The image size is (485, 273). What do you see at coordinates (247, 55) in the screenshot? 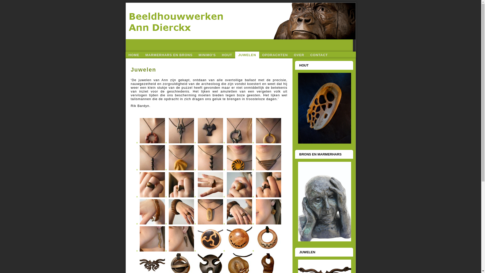
I see `'JUWELEN'` at bounding box center [247, 55].